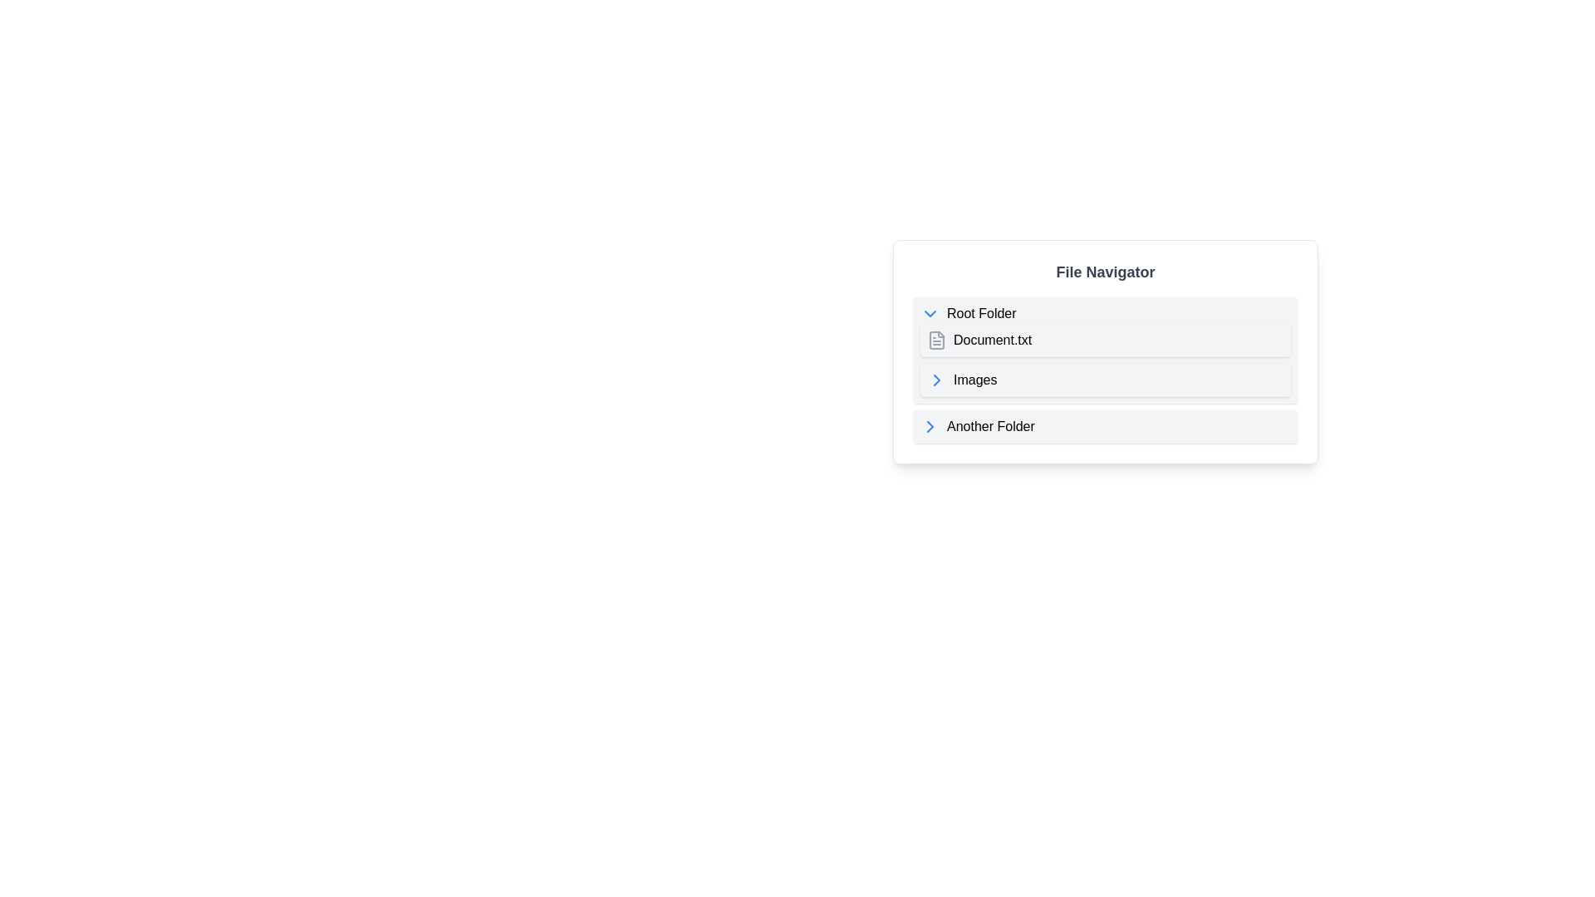 This screenshot has width=1595, height=897. What do you see at coordinates (1105, 380) in the screenshot?
I see `the selectable list item labeled 'Images' located in the file navigator, positioned between 'Document.txt' and 'Another Folder'` at bounding box center [1105, 380].